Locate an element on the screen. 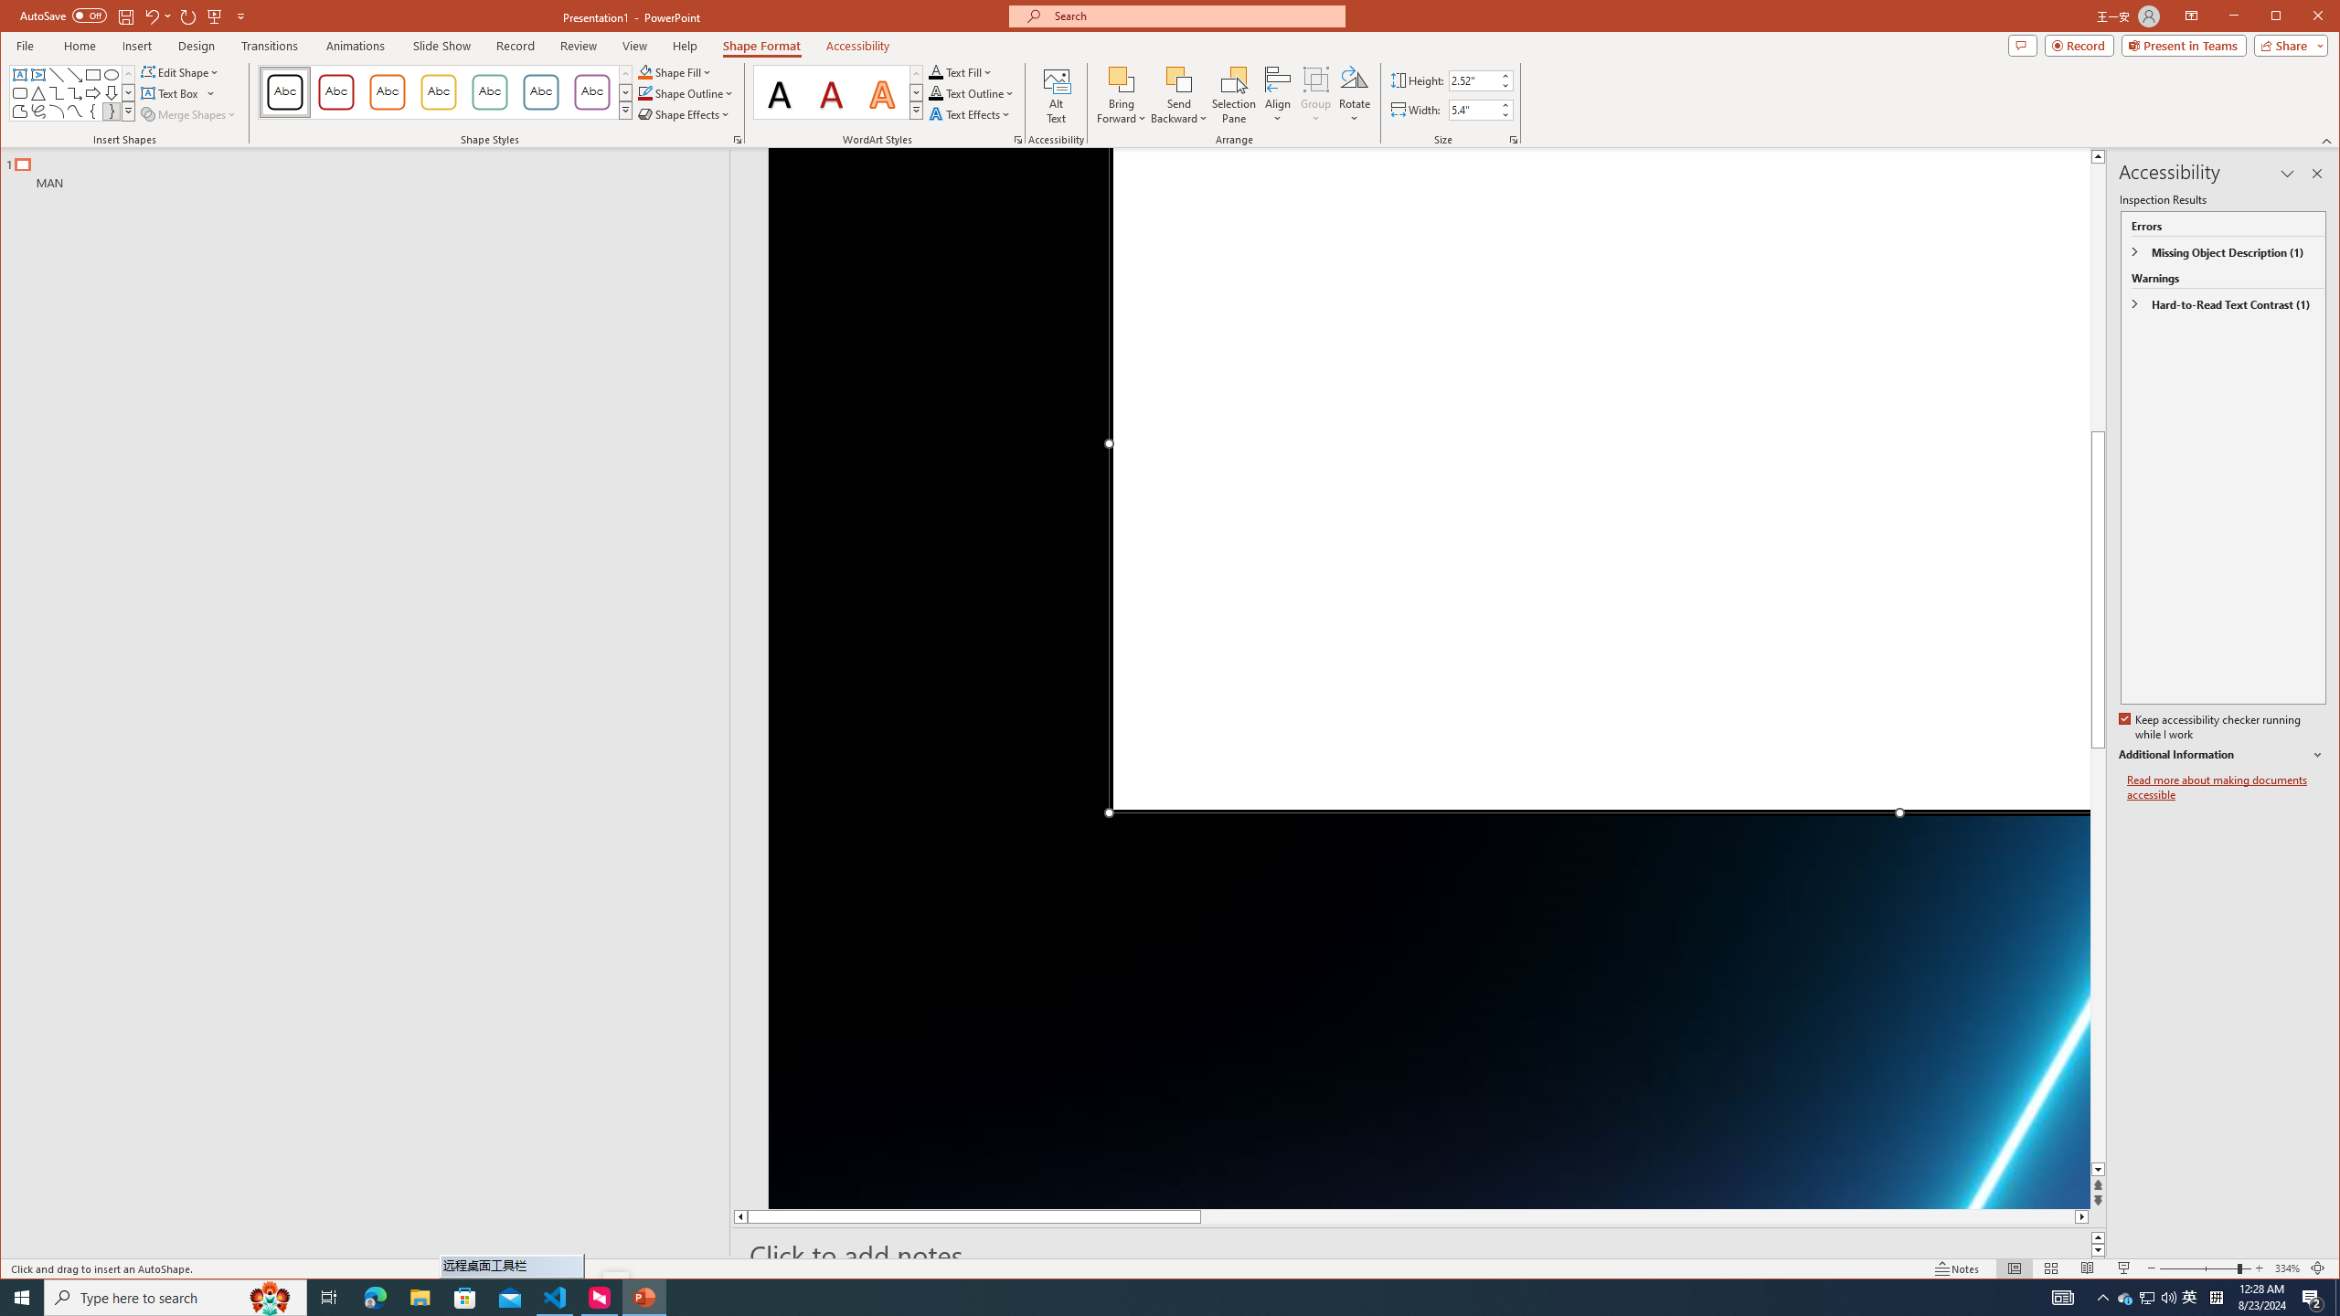  'Colored Outline - Gold, Accent 3' is located at coordinates (439, 91).